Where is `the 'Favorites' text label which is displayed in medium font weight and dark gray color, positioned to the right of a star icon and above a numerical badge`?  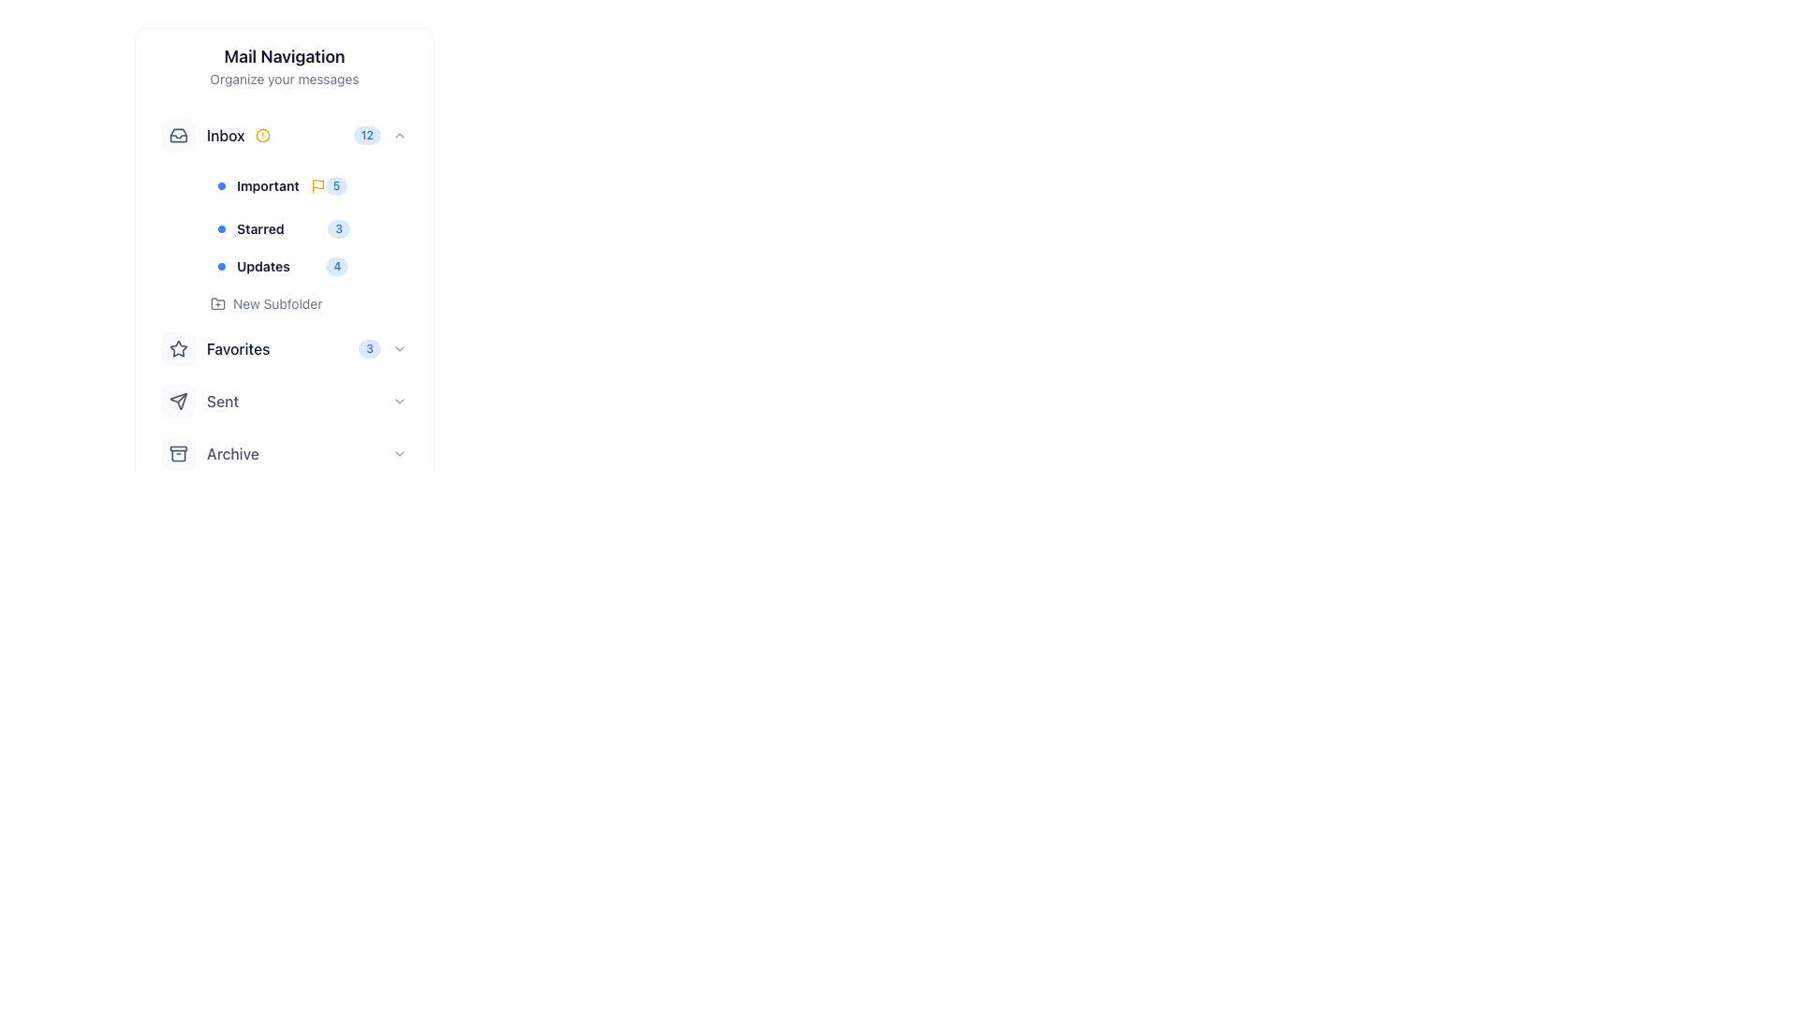
the 'Favorites' text label which is displayed in medium font weight and dark gray color, positioned to the right of a star icon and above a numerical badge is located at coordinates (237, 349).